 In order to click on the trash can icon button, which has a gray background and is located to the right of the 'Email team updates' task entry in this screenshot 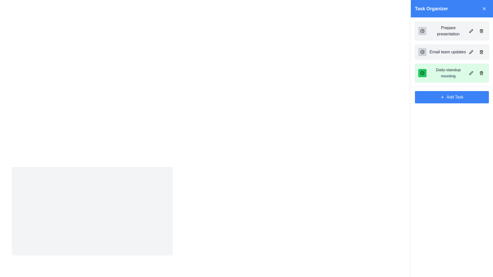, I will do `click(481, 52)`.